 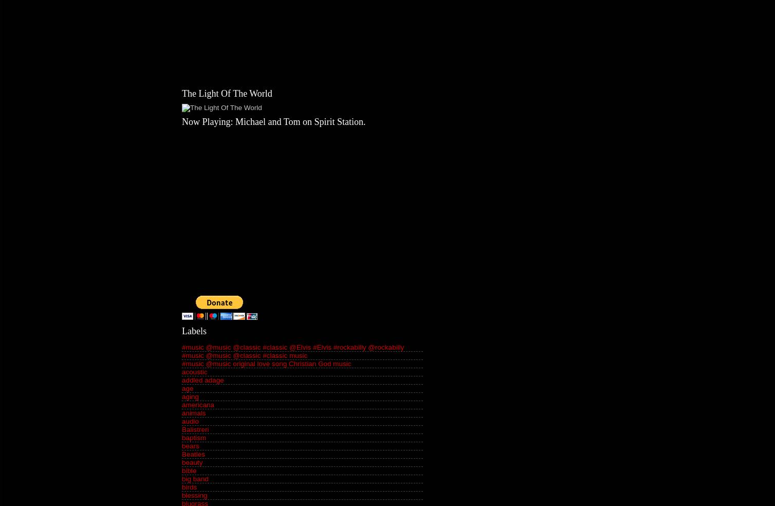 I want to click on 'bible', so click(x=188, y=471).